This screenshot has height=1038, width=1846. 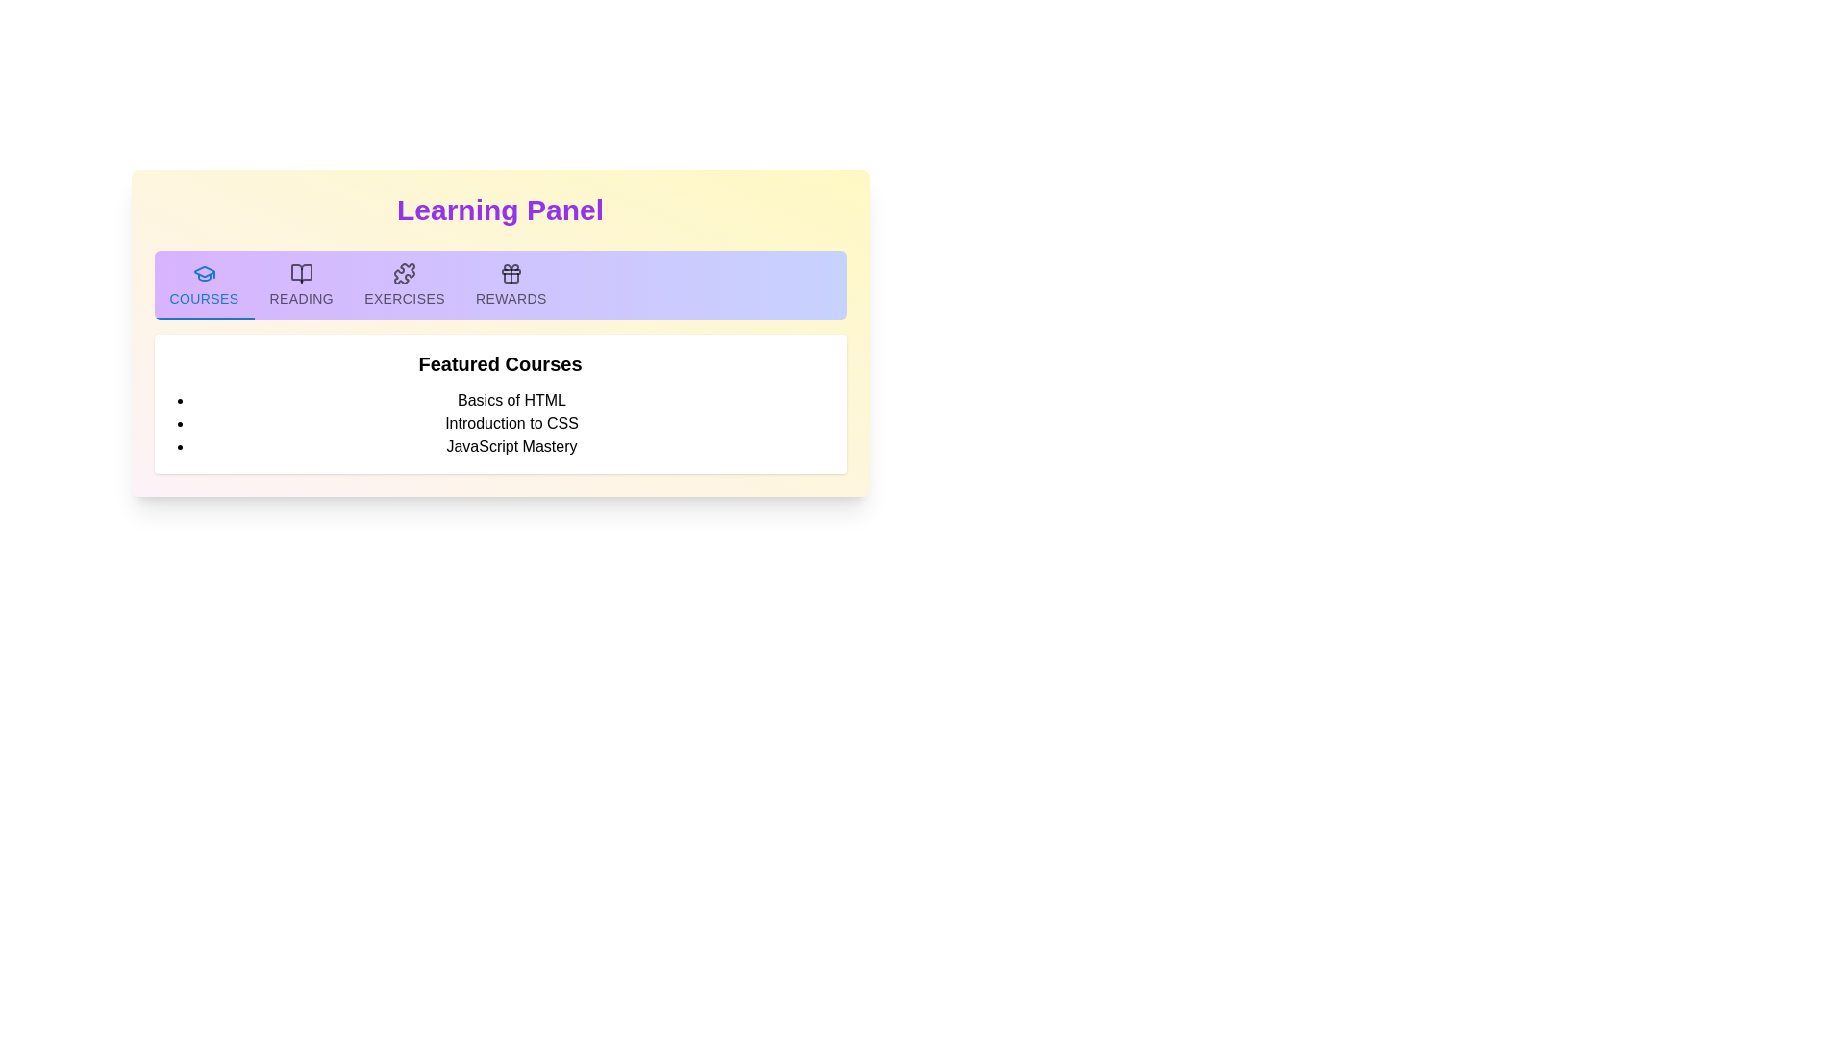 I want to click on the 'Featured Courses' section which contains a title and a bulleted list of courses, positioned below the tab navigation options in the Learning Panel interface, so click(x=500, y=403).